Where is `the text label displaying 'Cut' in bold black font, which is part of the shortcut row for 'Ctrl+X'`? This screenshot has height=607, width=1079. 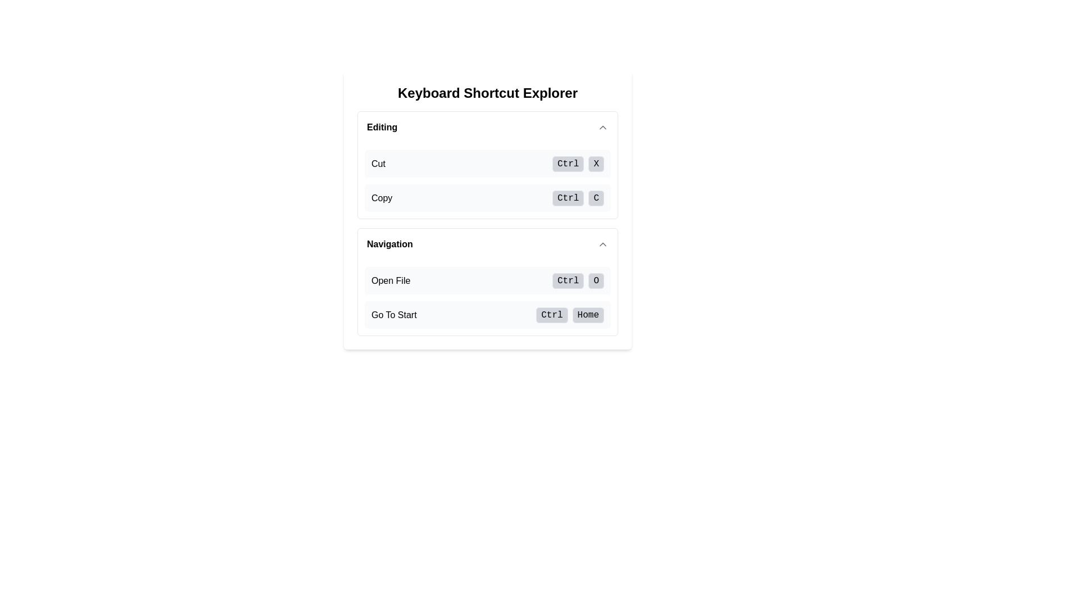 the text label displaying 'Cut' in bold black font, which is part of the shortcut row for 'Ctrl+X' is located at coordinates (378, 164).